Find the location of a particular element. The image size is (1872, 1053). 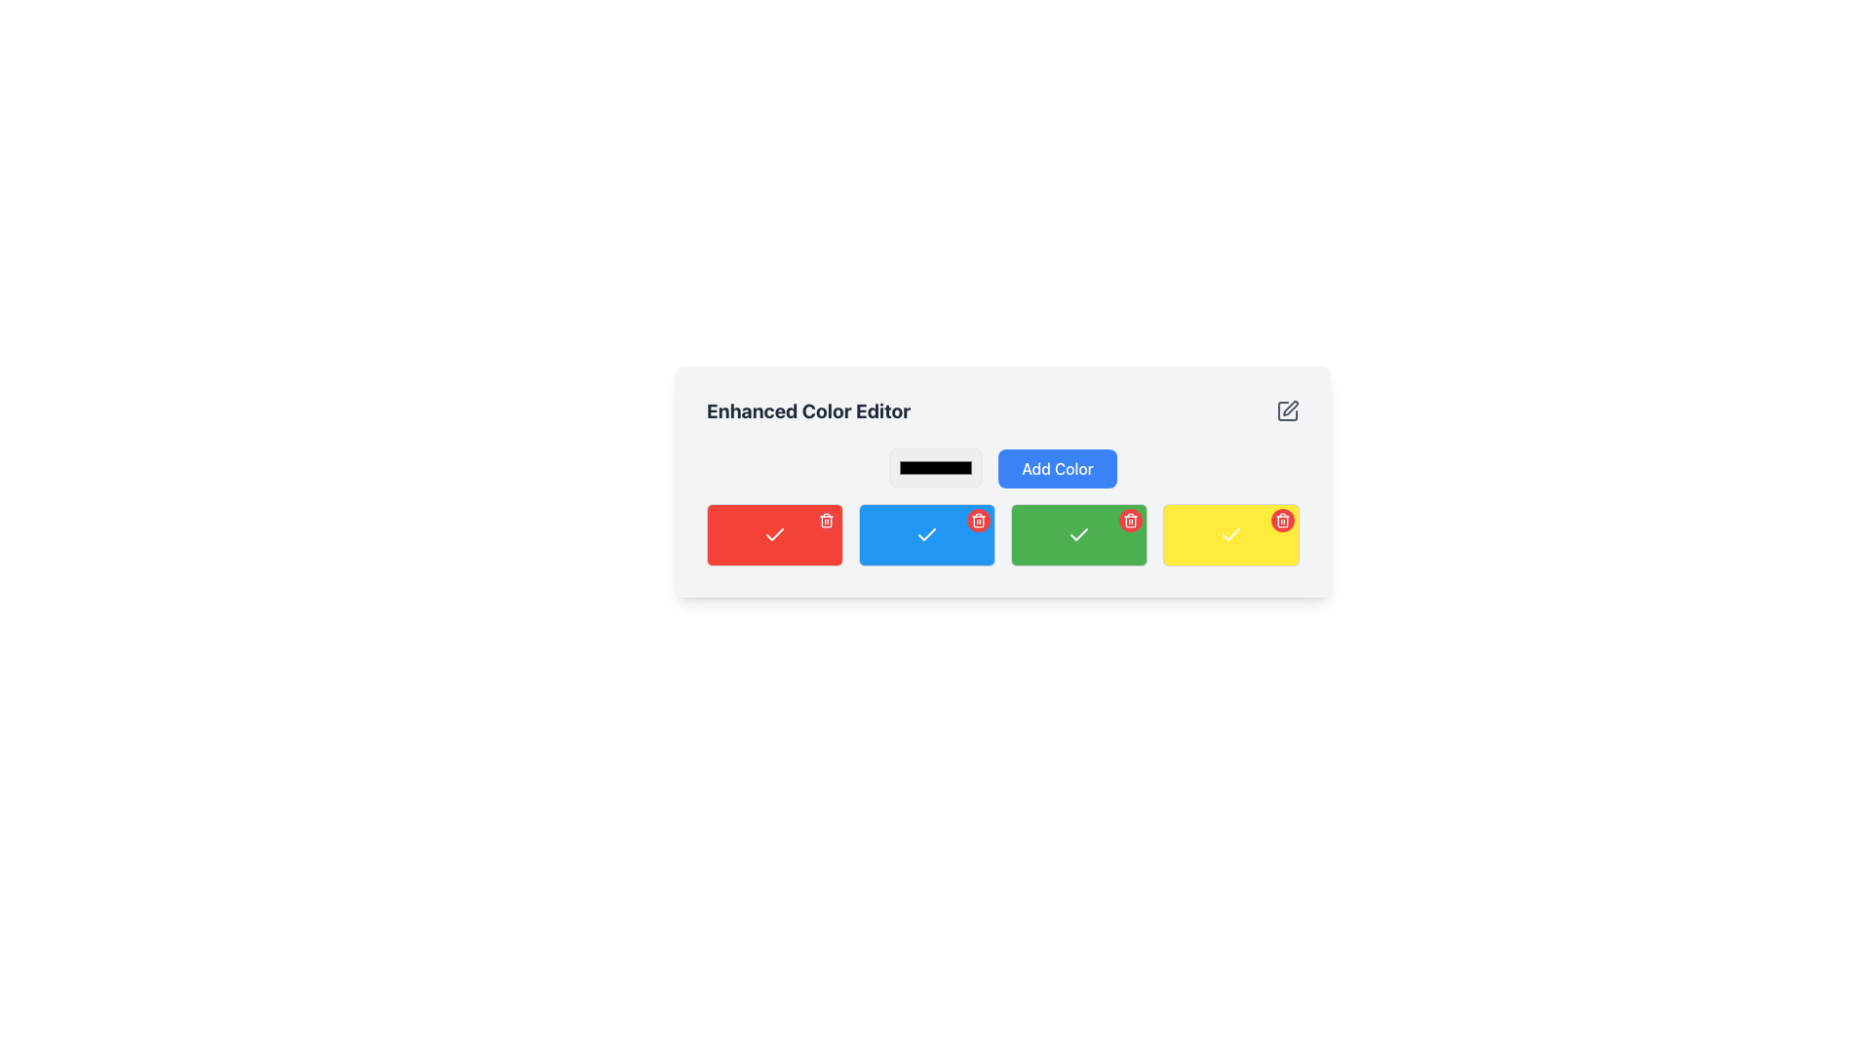

the trash bin icon located in the top-right corner of the blue button with a checkmark icon is located at coordinates (925, 534).